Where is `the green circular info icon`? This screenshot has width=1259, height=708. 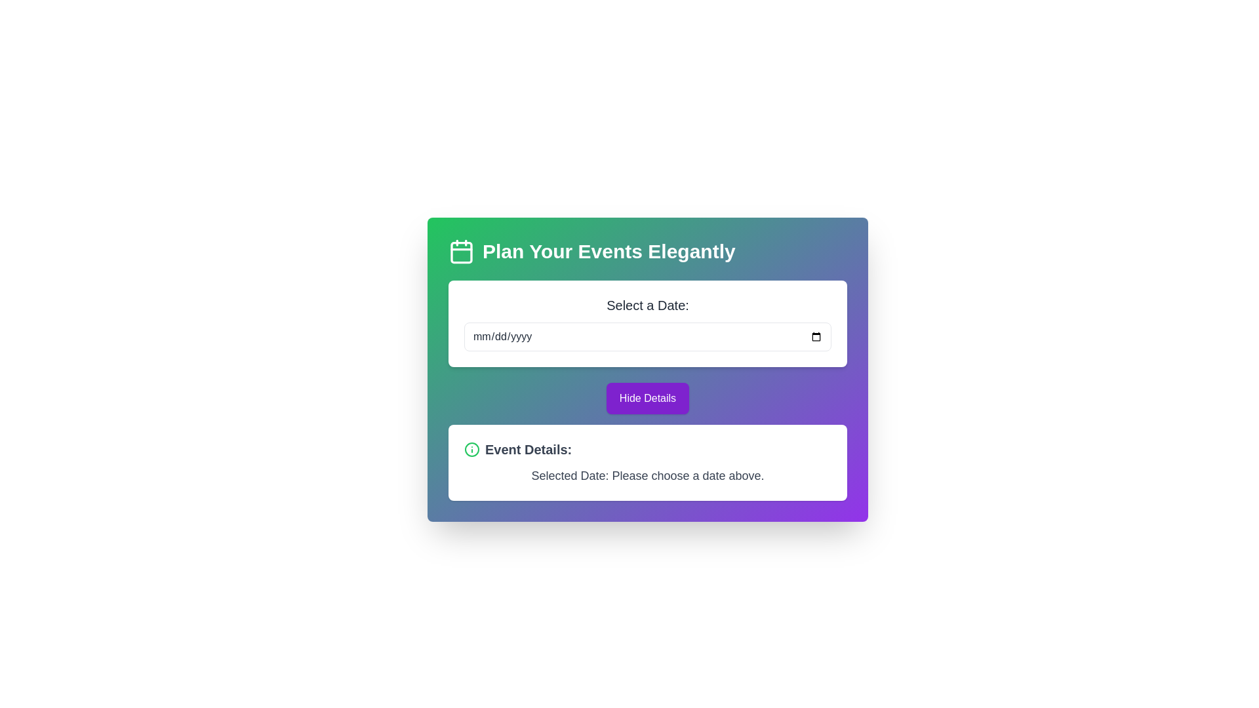 the green circular info icon is located at coordinates (472, 449).